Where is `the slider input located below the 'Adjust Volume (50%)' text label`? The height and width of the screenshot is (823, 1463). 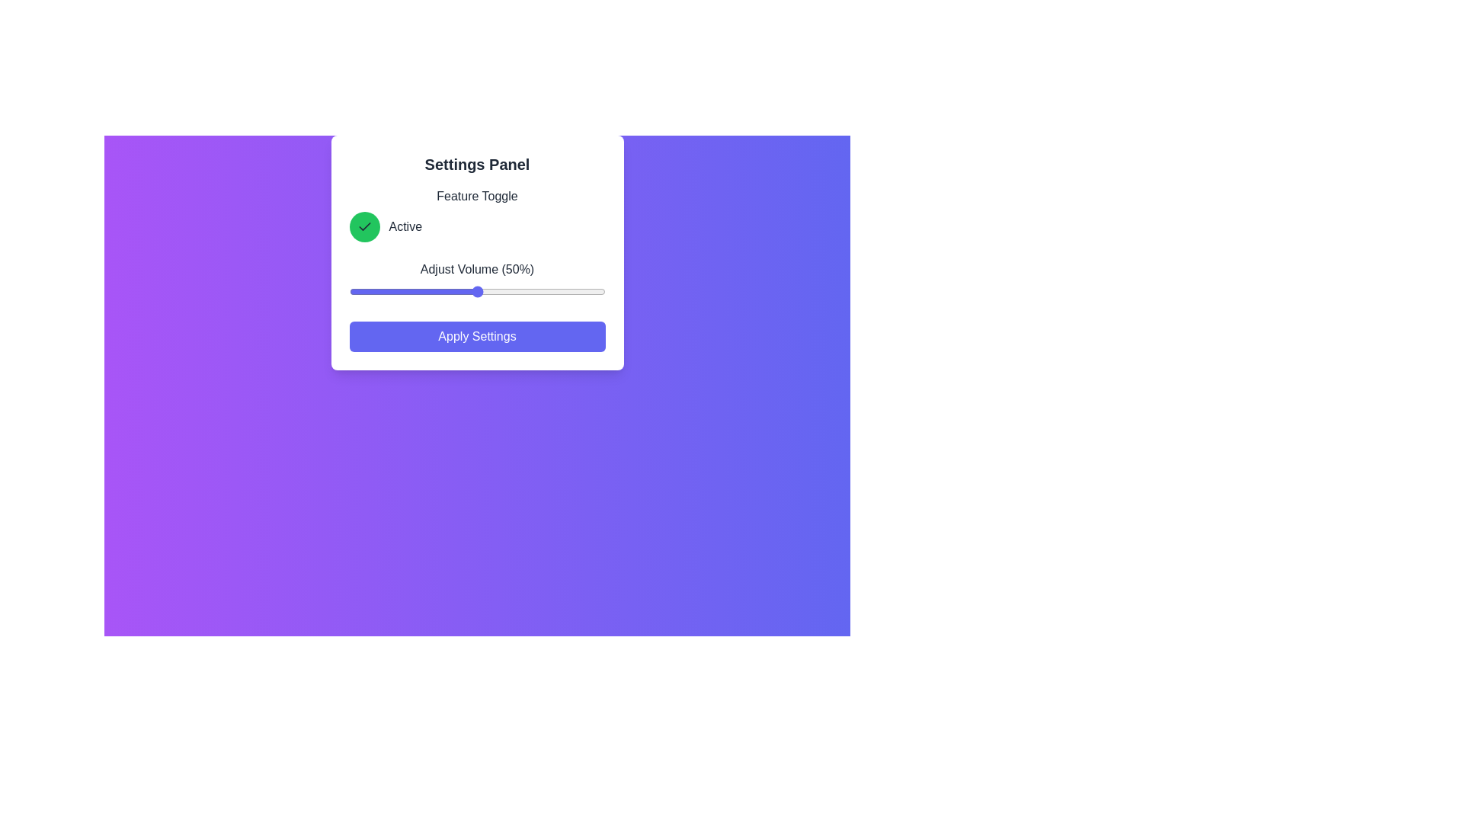
the slider input located below the 'Adjust Volume (50%)' text label is located at coordinates (476, 291).